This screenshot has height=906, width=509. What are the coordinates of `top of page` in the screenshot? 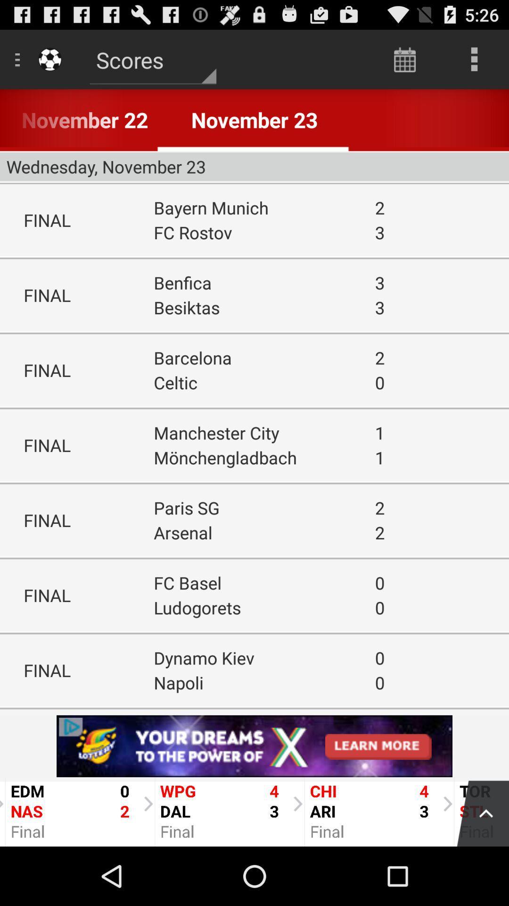 It's located at (478, 811).